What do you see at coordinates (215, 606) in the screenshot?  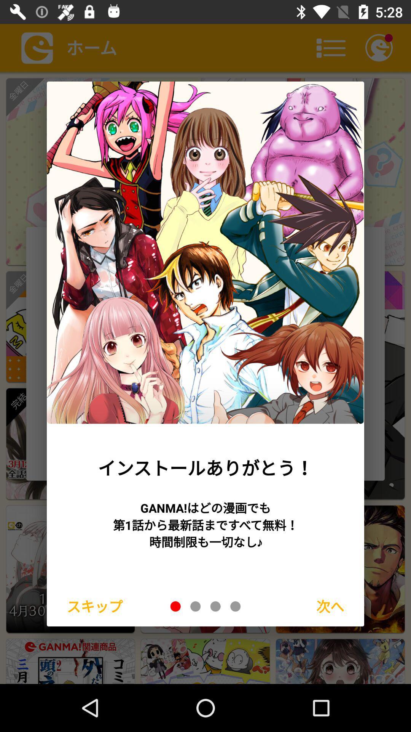 I see `3rd slide` at bounding box center [215, 606].